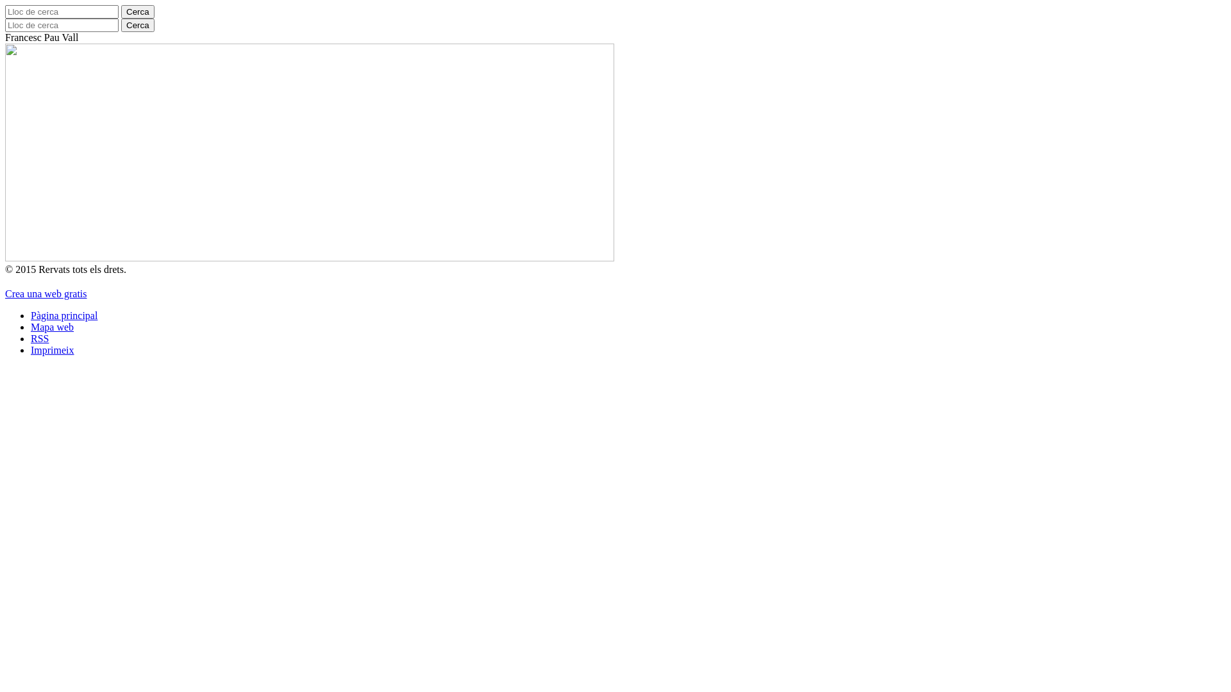 The width and height of the screenshot is (1231, 692). Describe the element at coordinates (5, 293) in the screenshot. I see `'Crea una web gratis'` at that location.